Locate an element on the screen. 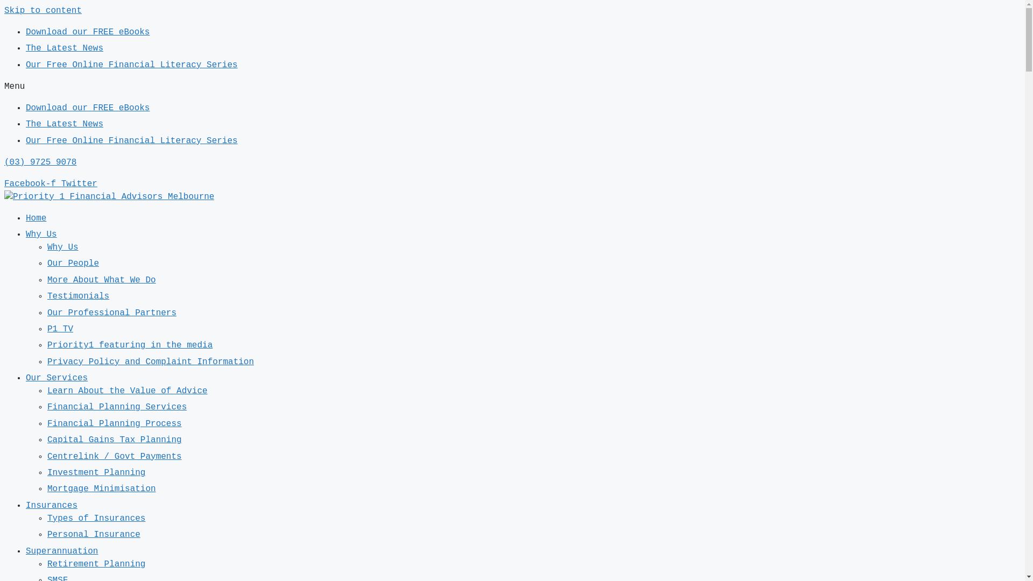 The height and width of the screenshot is (581, 1033). 'Testimonials' is located at coordinates (46, 296).